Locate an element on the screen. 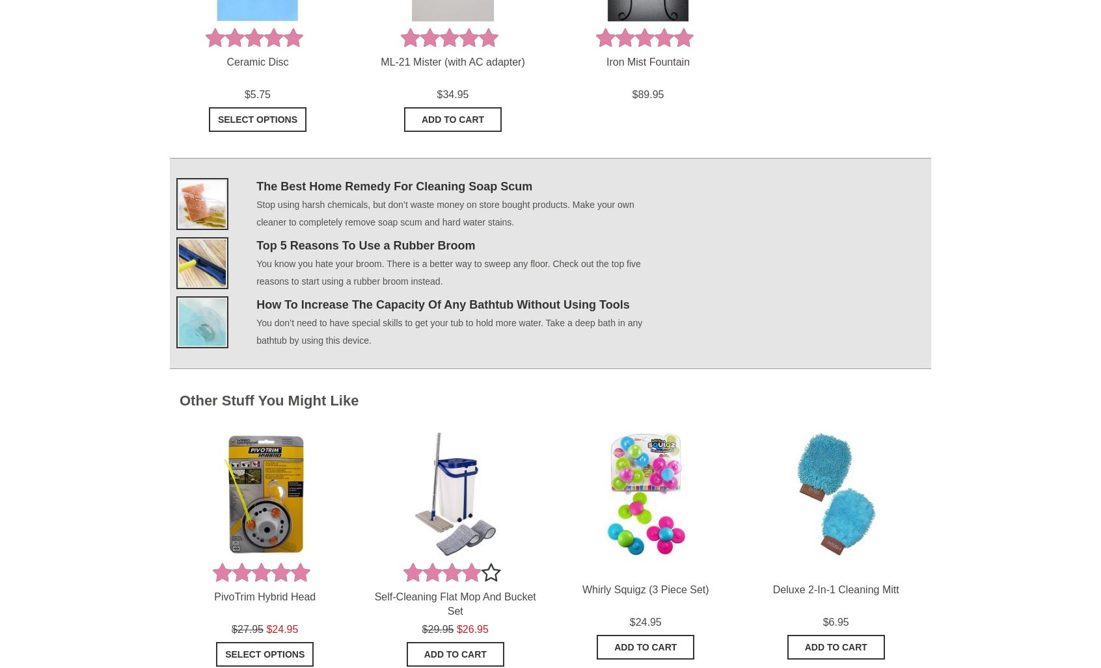 This screenshot has width=1101, height=668. 'Self-Cleaning Flat Mop And Bucket Set' is located at coordinates (454, 604).